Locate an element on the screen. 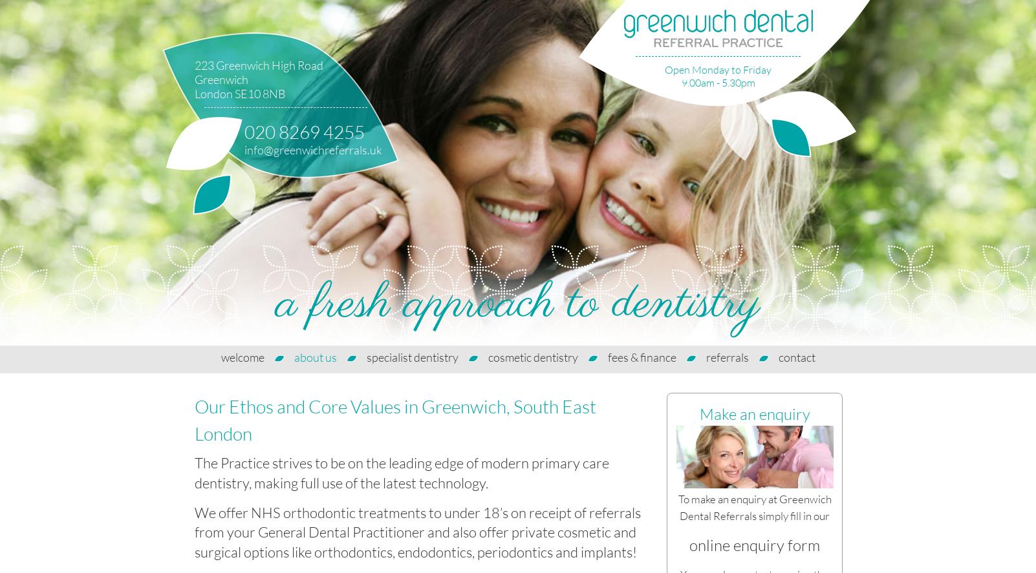 The height and width of the screenshot is (573, 1036). 'a fresh approach to dentistry' is located at coordinates (518, 304).